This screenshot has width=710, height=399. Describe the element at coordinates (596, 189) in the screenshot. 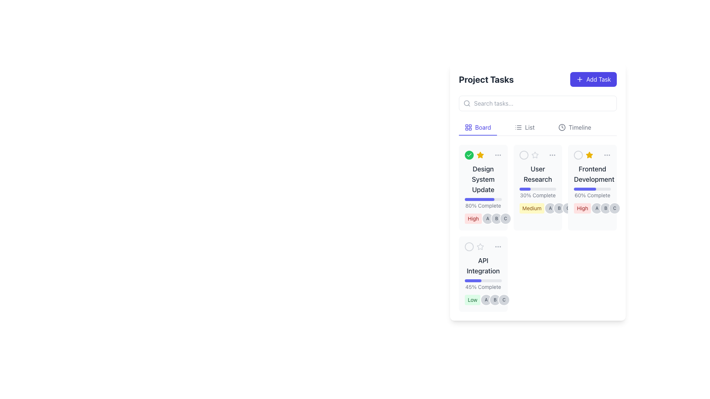

I see `the progress` at that location.